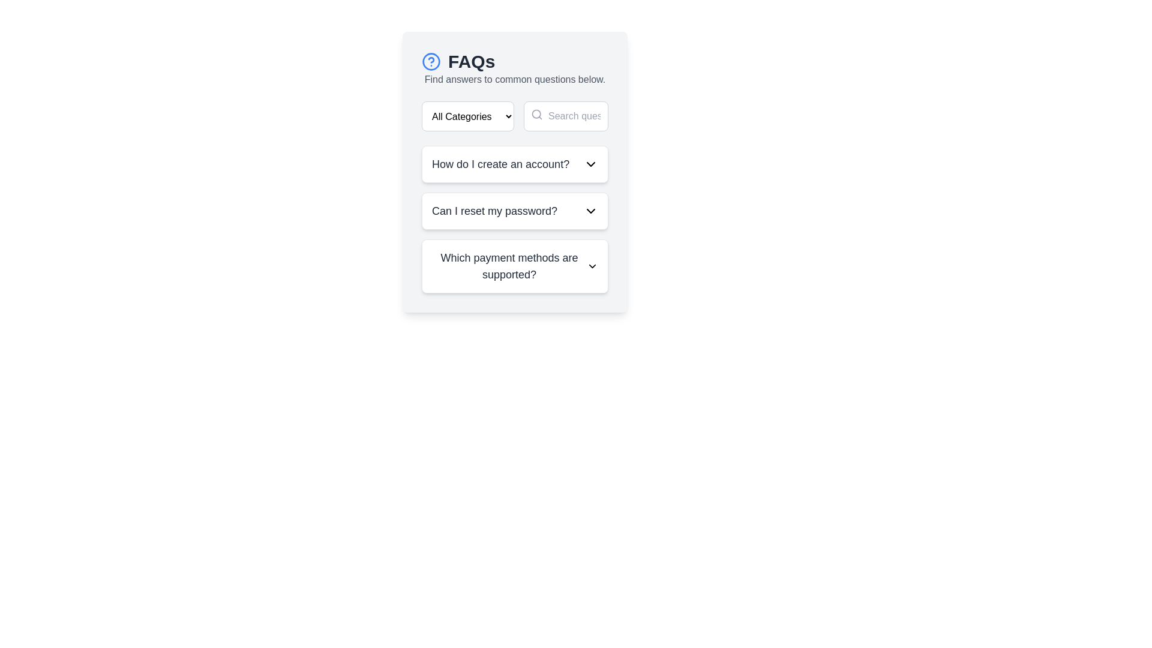  I want to click on the search icon located in the upper-right corner of the FAQ search bar section, which serves as a visual cue for search functionality, so click(536, 115).